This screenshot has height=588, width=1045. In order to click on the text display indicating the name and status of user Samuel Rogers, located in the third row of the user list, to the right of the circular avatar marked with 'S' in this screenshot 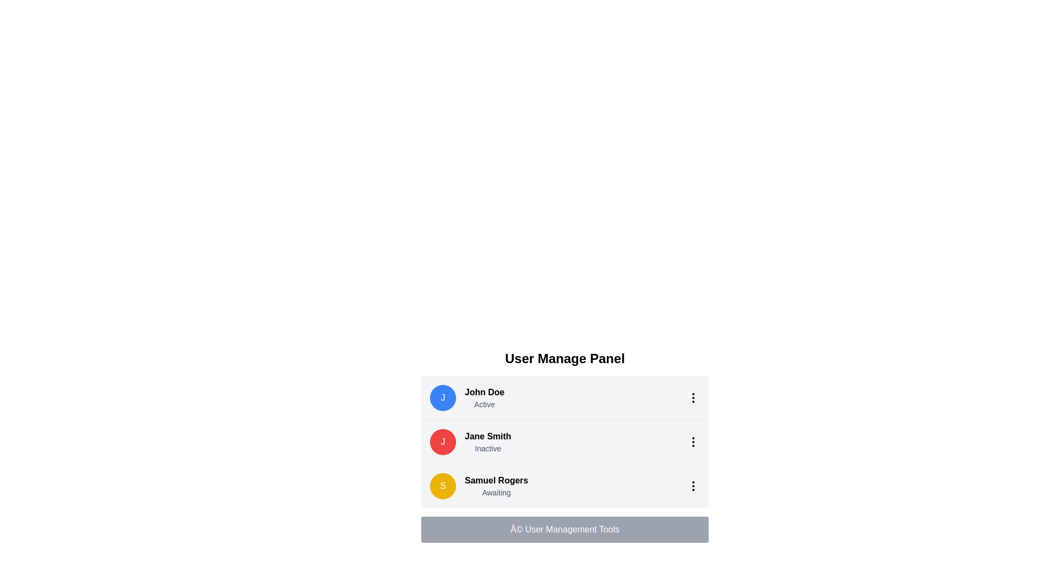, I will do `click(496, 486)`.